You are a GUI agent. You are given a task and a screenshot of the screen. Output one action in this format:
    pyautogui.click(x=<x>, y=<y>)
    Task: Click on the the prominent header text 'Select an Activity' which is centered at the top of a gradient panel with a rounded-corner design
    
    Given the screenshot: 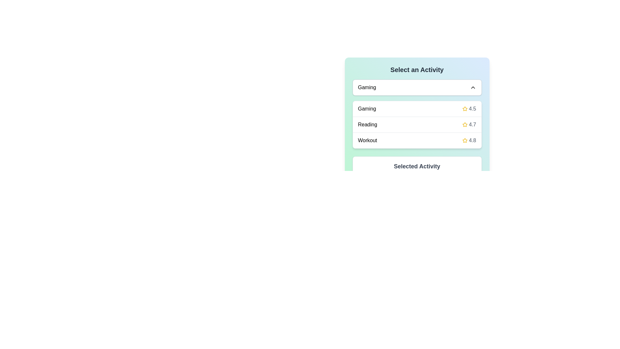 What is the action you would take?
    pyautogui.click(x=417, y=70)
    